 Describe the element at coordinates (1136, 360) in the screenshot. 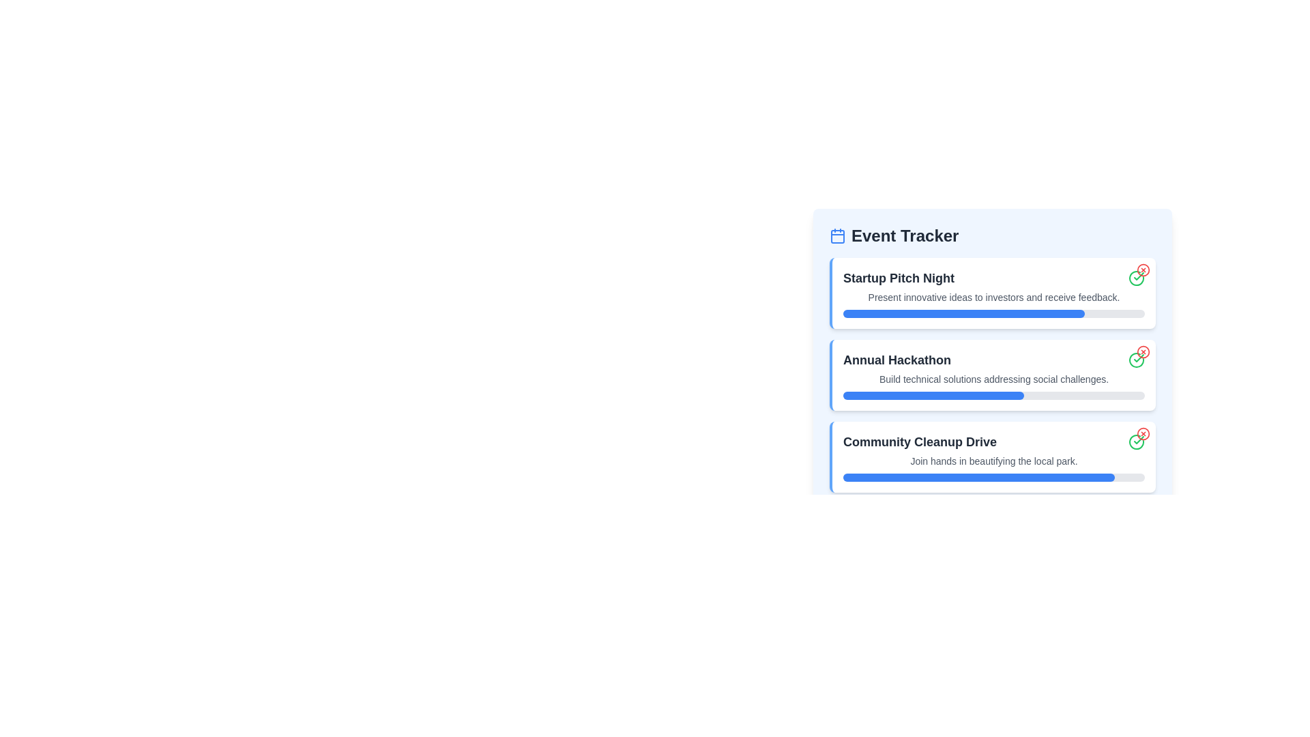

I see `the checkmark icon element within the 'Annual Hackathon' item, which visually indicates a positive state or approval` at that location.